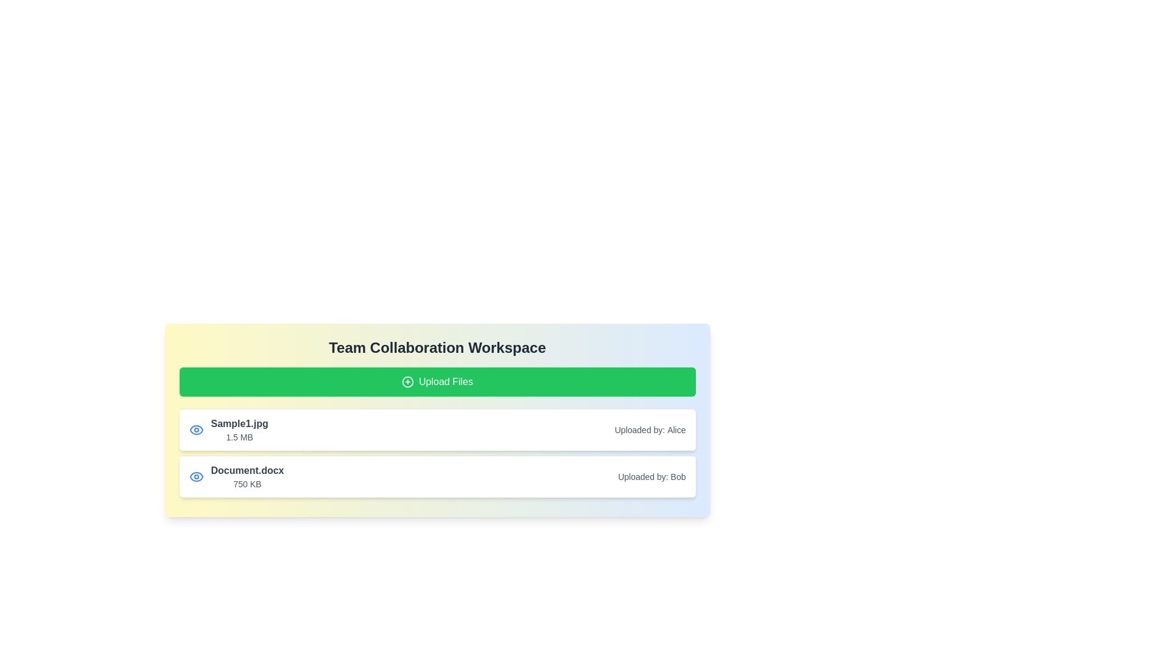 The width and height of the screenshot is (1169, 657). Describe the element at coordinates (437, 381) in the screenshot. I see `the green rectangular button labeled 'Upload Files' to observe the background color change` at that location.